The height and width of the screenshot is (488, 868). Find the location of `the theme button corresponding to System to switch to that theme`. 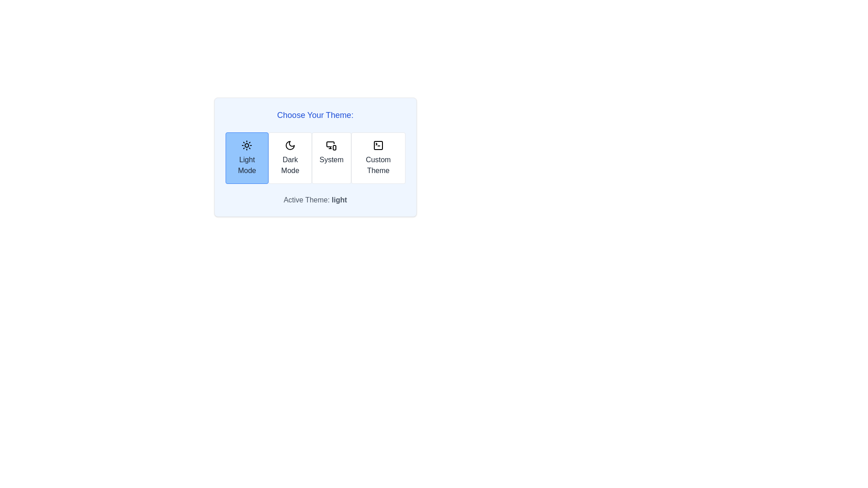

the theme button corresponding to System to switch to that theme is located at coordinates (331, 158).